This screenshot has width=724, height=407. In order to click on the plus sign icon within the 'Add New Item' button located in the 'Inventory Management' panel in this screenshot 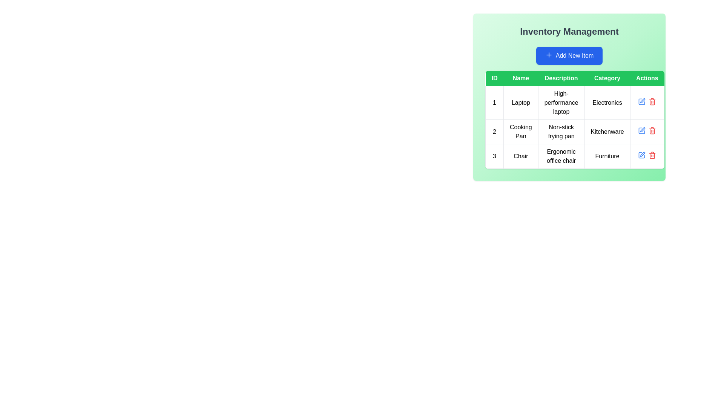, I will do `click(549, 55)`.